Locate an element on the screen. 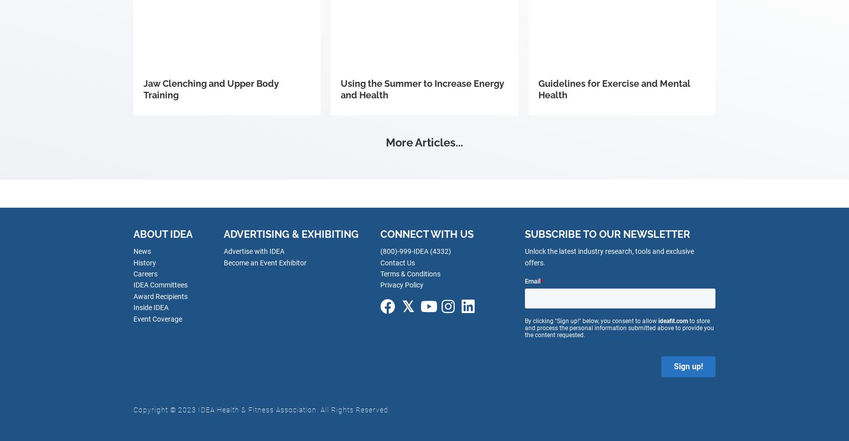  'History' is located at coordinates (144, 262).